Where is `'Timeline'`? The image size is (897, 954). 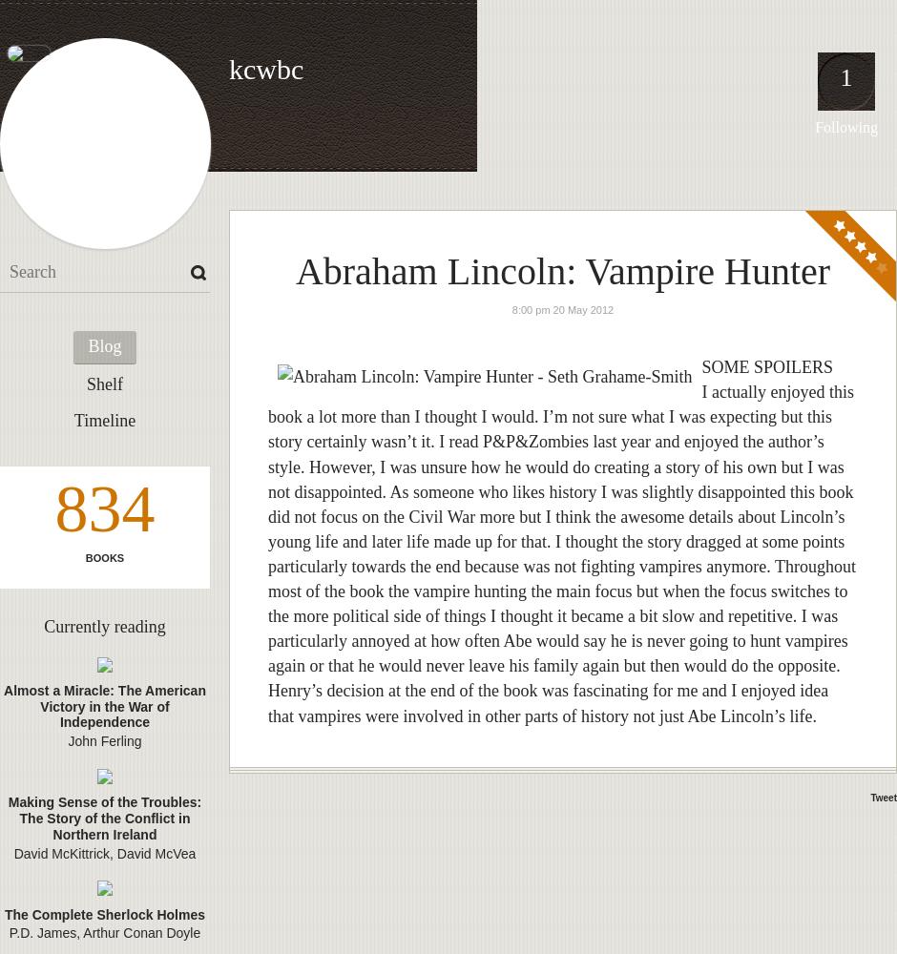
'Timeline' is located at coordinates (104, 420).